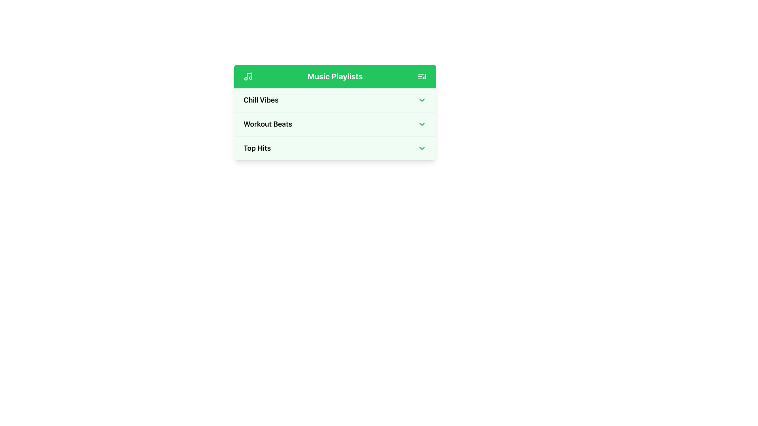  I want to click on the 'Chill Vibes' menu item, which is the topmost item in the list, so click(335, 100).